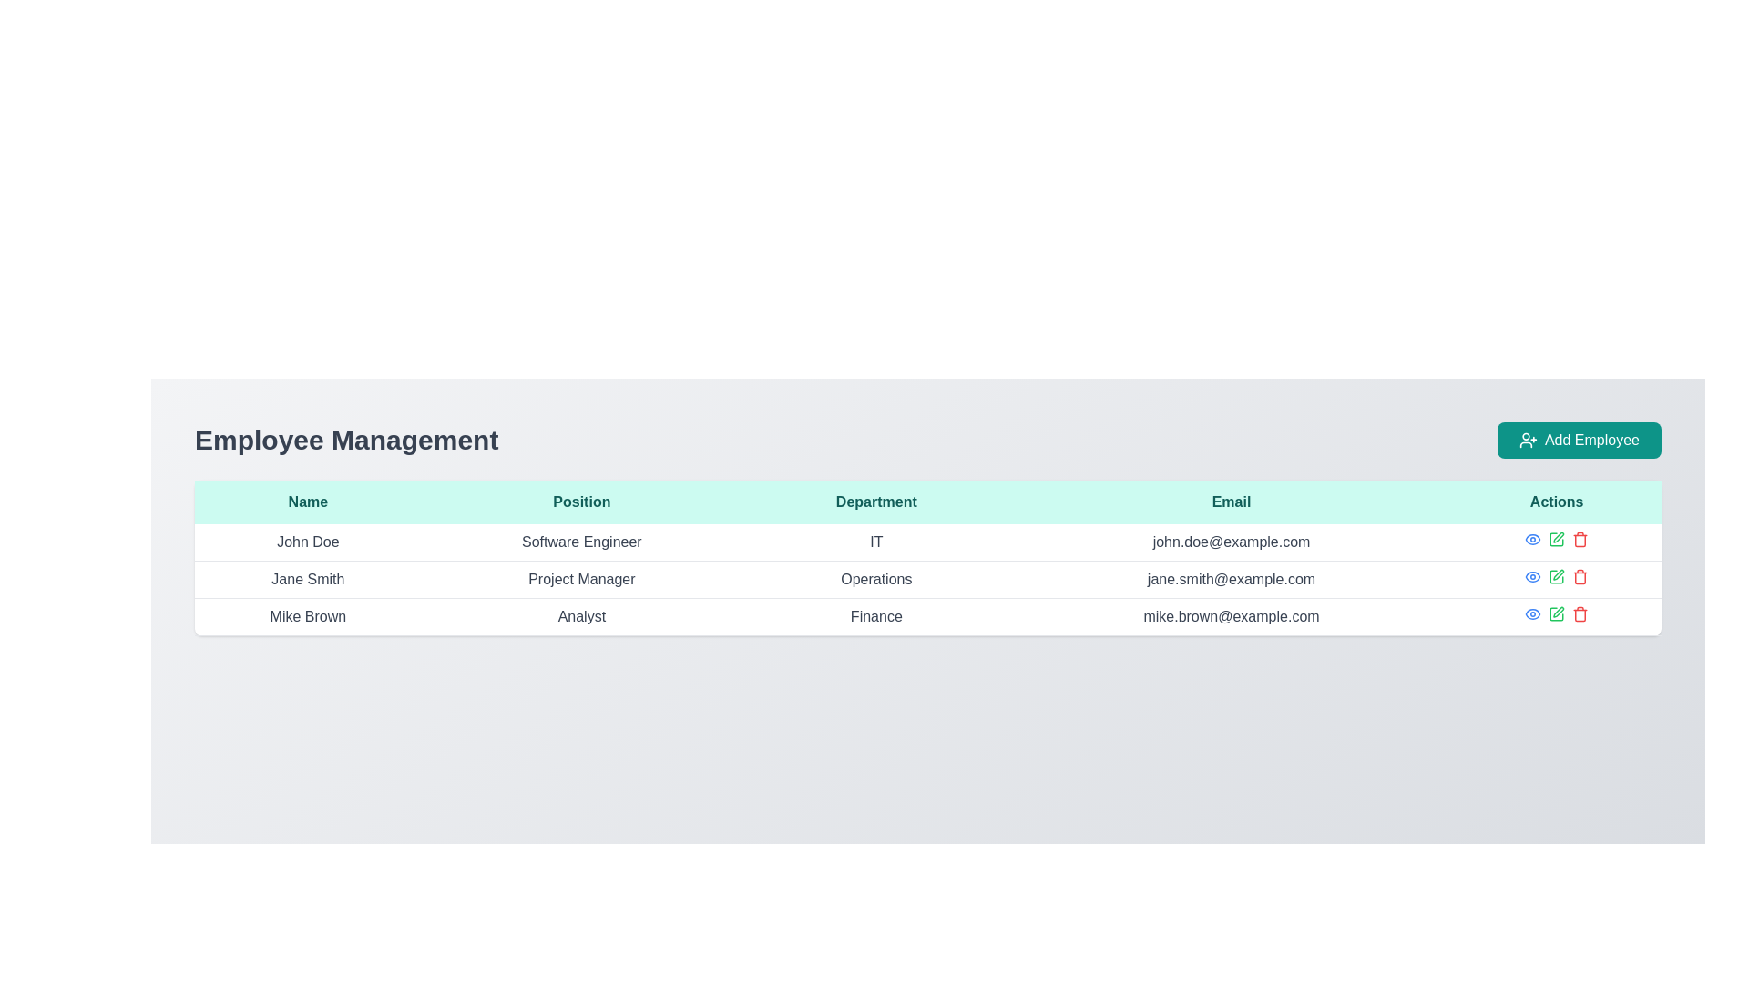  What do you see at coordinates (308, 542) in the screenshot?
I see `the text label displaying 'John Doe', which is located in the first row of a tabular structure under the 'Name' header` at bounding box center [308, 542].